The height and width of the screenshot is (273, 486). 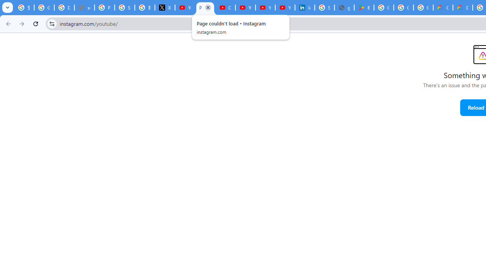 What do you see at coordinates (305, 8) in the screenshot?
I see `'Identity verification via Persona | LinkedIn Help'` at bounding box center [305, 8].